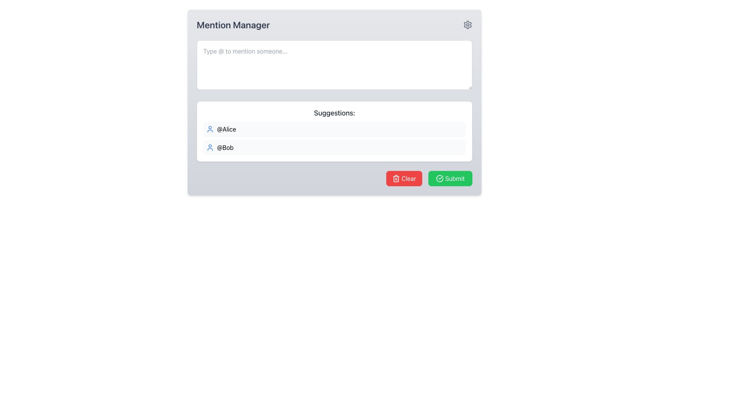 The height and width of the screenshot is (413, 735). I want to click on the gear-like settings icon located in the top-right corner of the 'Mention Manager' interface, which is rendered in gray and has an intricate outline, so click(467, 24).